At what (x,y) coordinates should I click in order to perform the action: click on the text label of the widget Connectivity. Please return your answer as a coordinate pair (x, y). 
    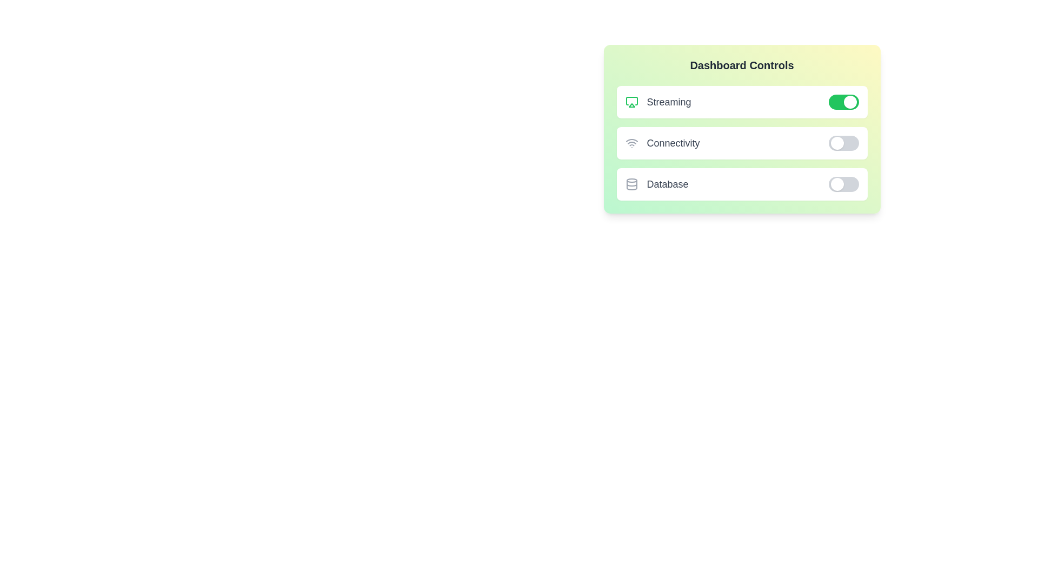
    Looking at the image, I should click on (662, 143).